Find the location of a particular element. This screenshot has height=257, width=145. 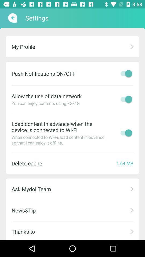

to turn wifi loading settings on or off is located at coordinates (125, 133).